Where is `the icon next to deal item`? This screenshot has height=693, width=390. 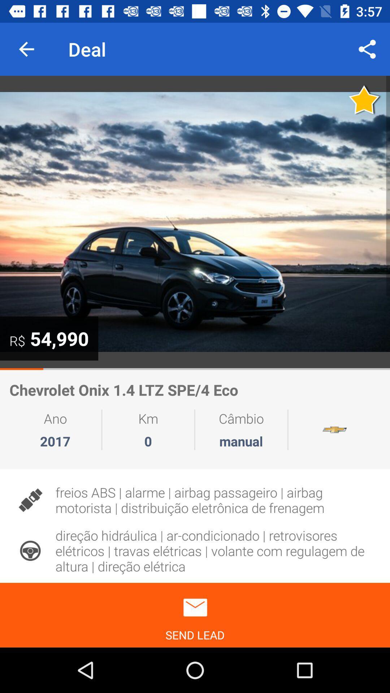
the icon next to deal item is located at coordinates (26, 49).